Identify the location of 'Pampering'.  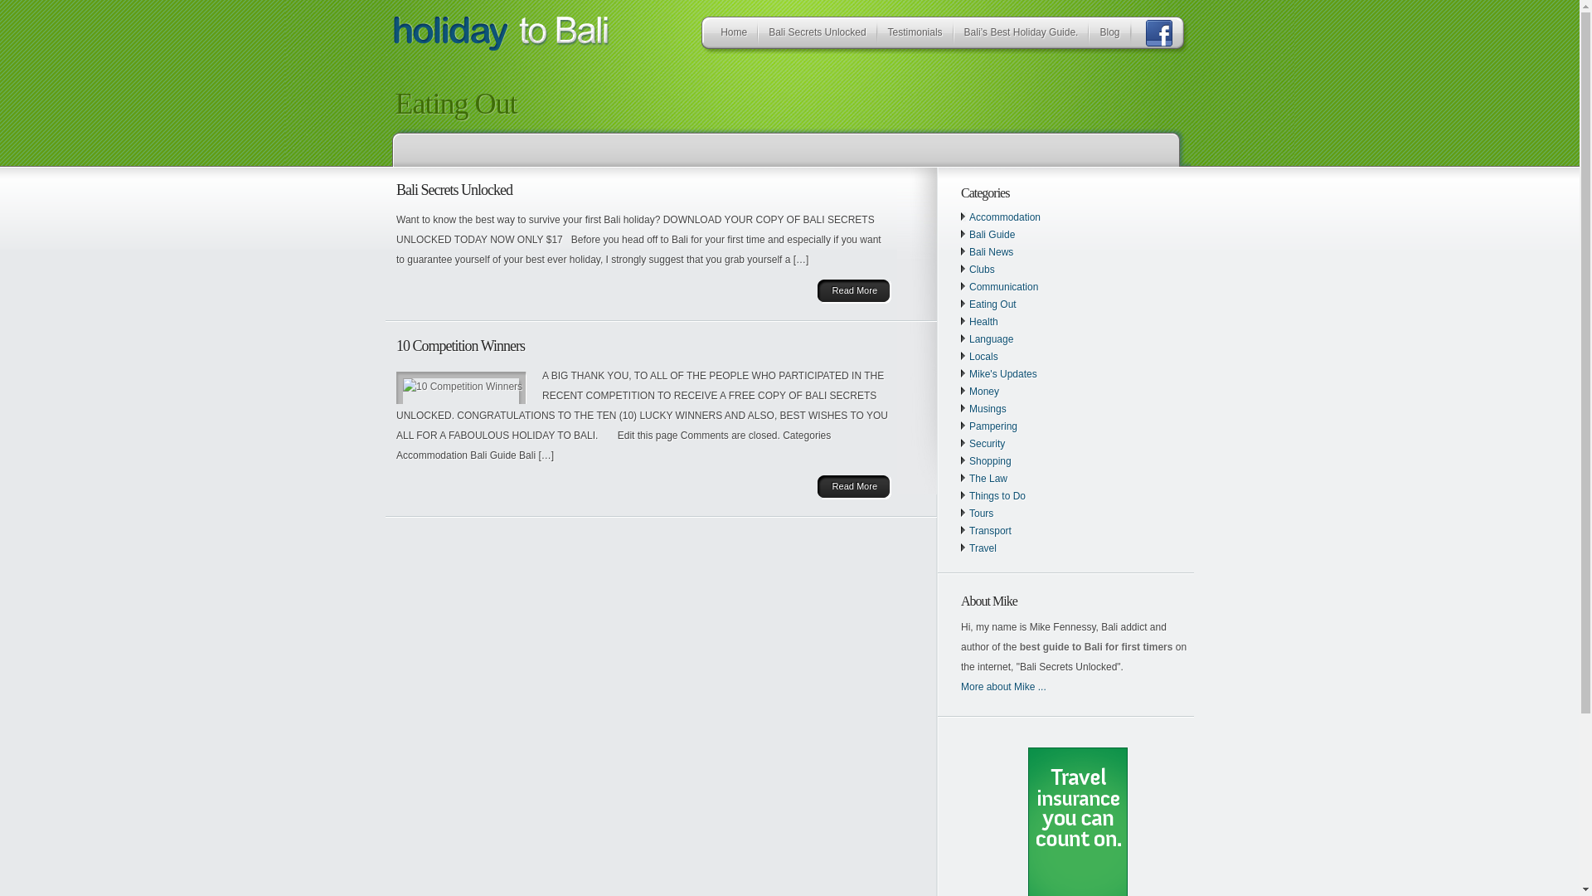
(969, 425).